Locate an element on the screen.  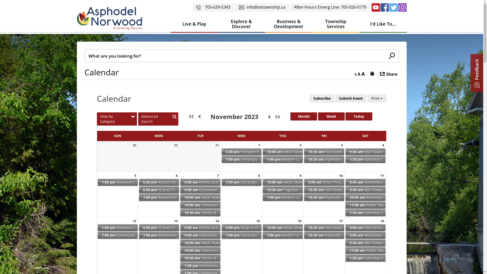
'After-Hours Emerg Line: 705-926-0179' is located at coordinates (330, 7).